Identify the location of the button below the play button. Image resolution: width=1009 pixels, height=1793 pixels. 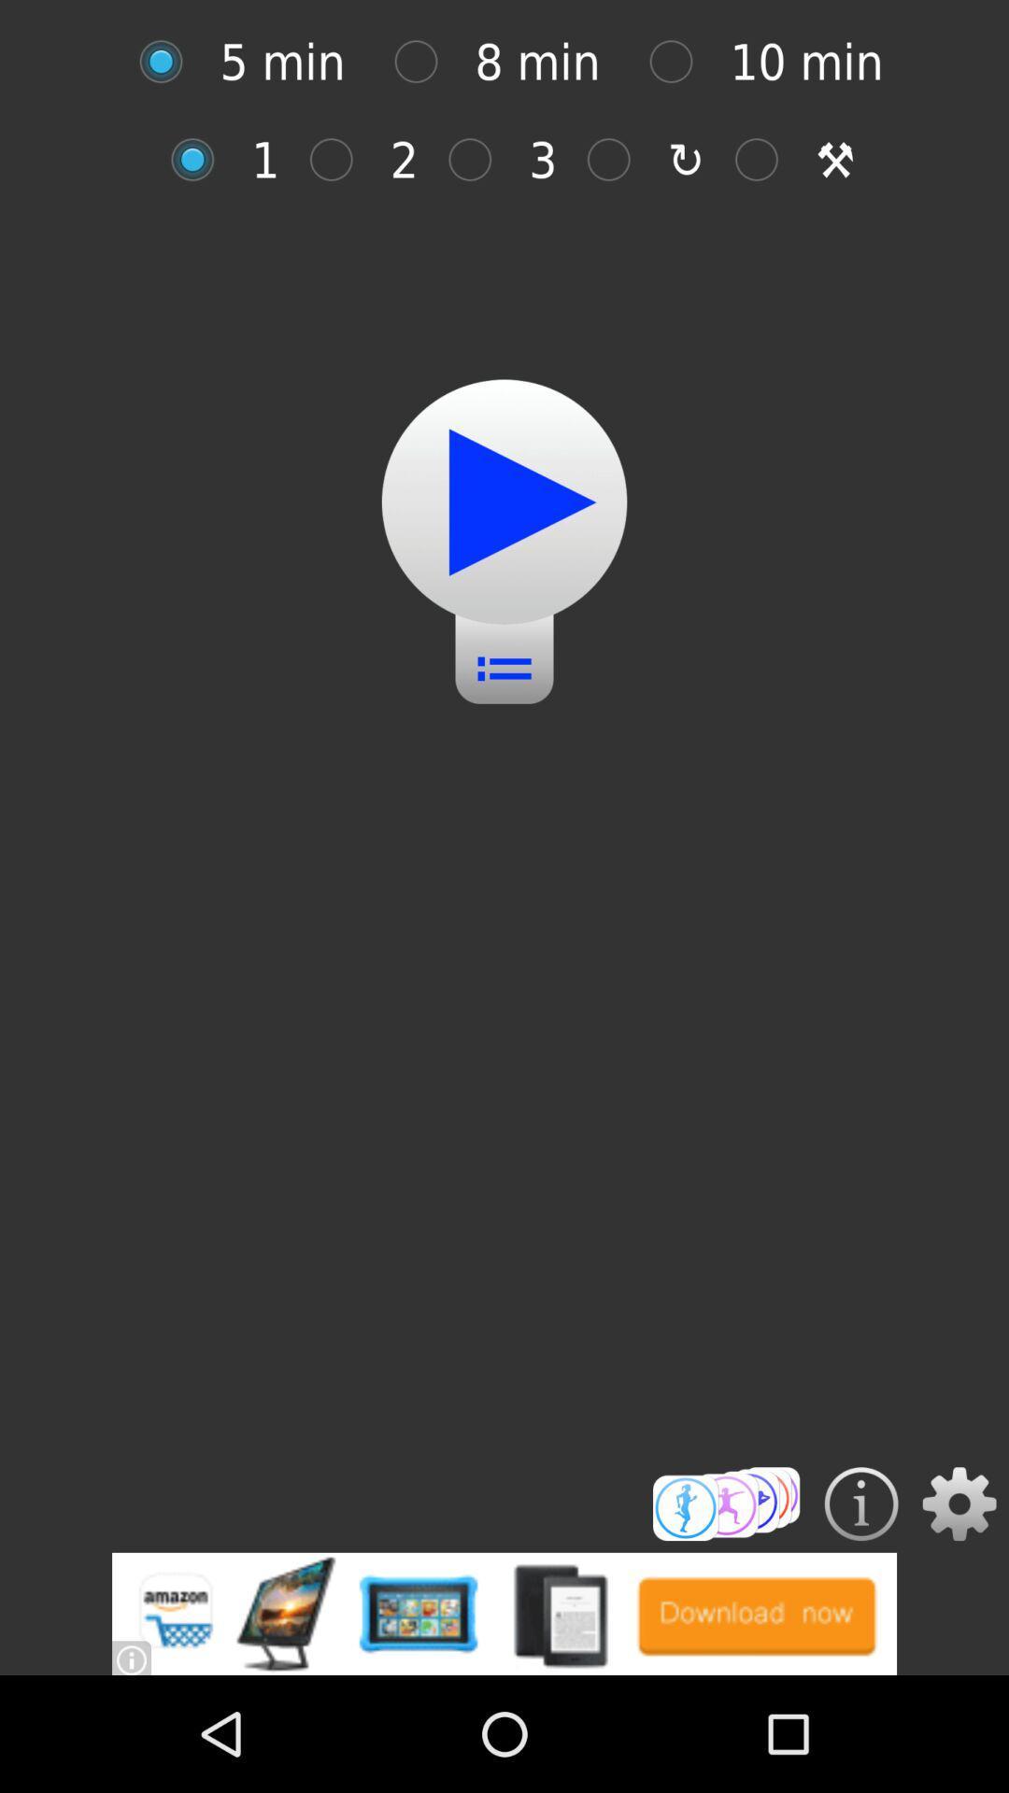
(504, 655).